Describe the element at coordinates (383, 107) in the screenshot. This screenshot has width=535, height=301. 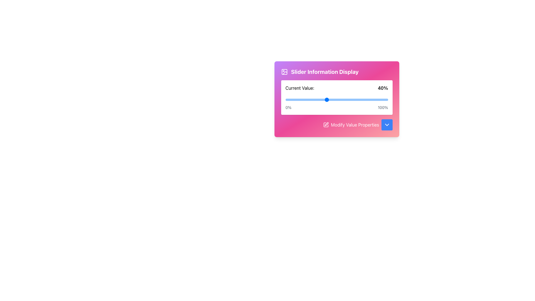
I see `the '100%' text label displayed in bold font, located at the bottom-right corner of a slider component on a gradient background` at that location.